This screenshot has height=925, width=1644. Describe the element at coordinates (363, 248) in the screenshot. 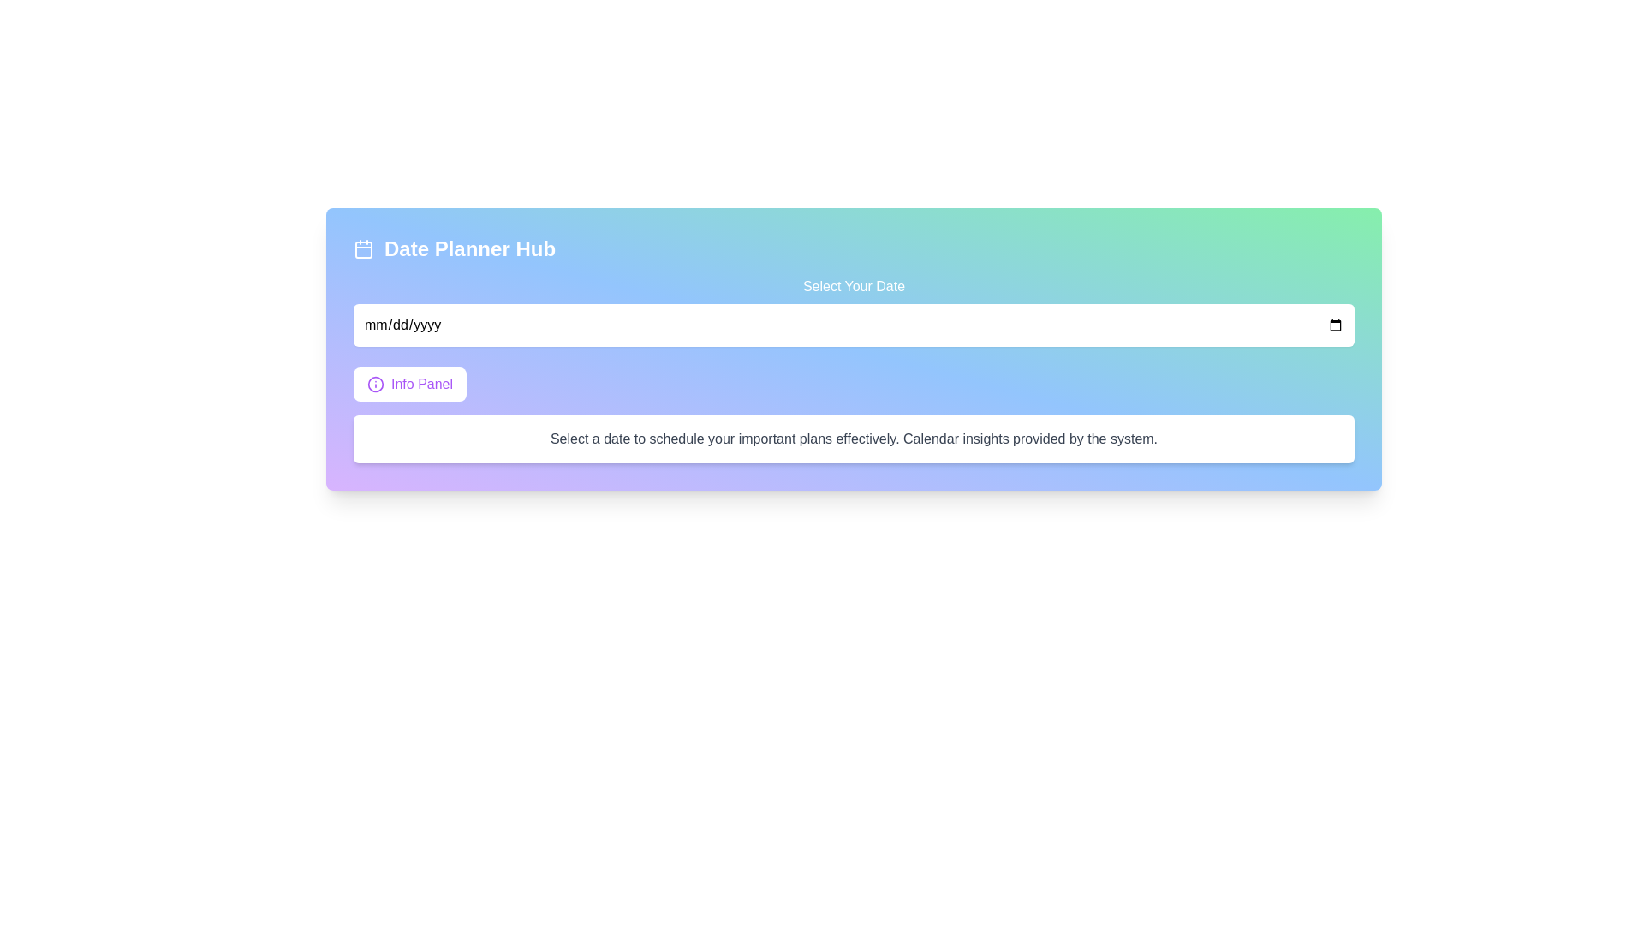

I see `the calendar icon located to the left of the text 'Date Planner Hub'` at that location.